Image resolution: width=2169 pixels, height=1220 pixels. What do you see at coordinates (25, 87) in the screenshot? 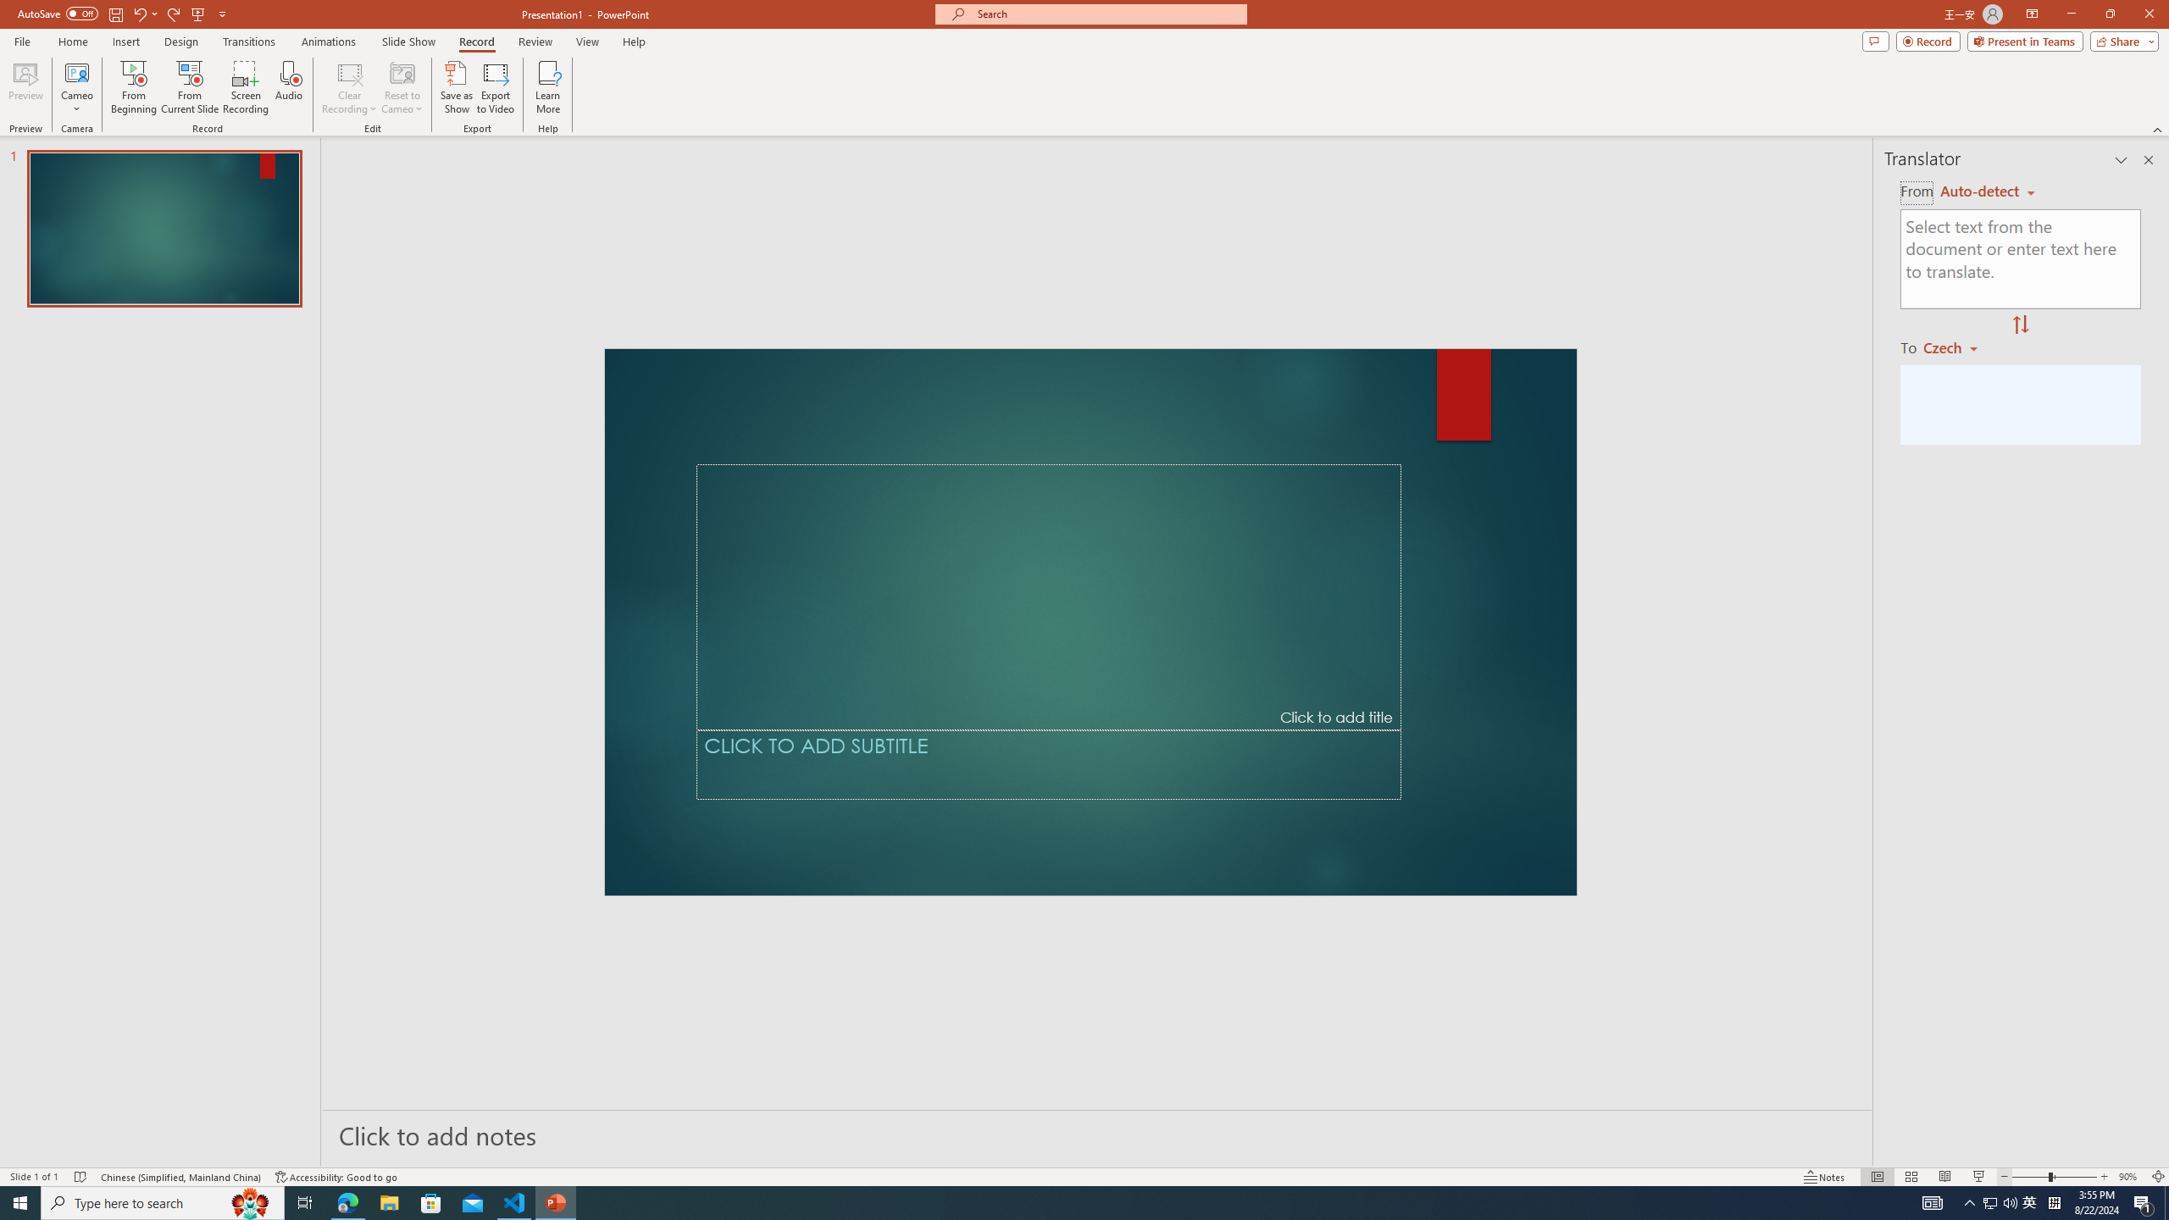
I see `'Preview'` at bounding box center [25, 87].